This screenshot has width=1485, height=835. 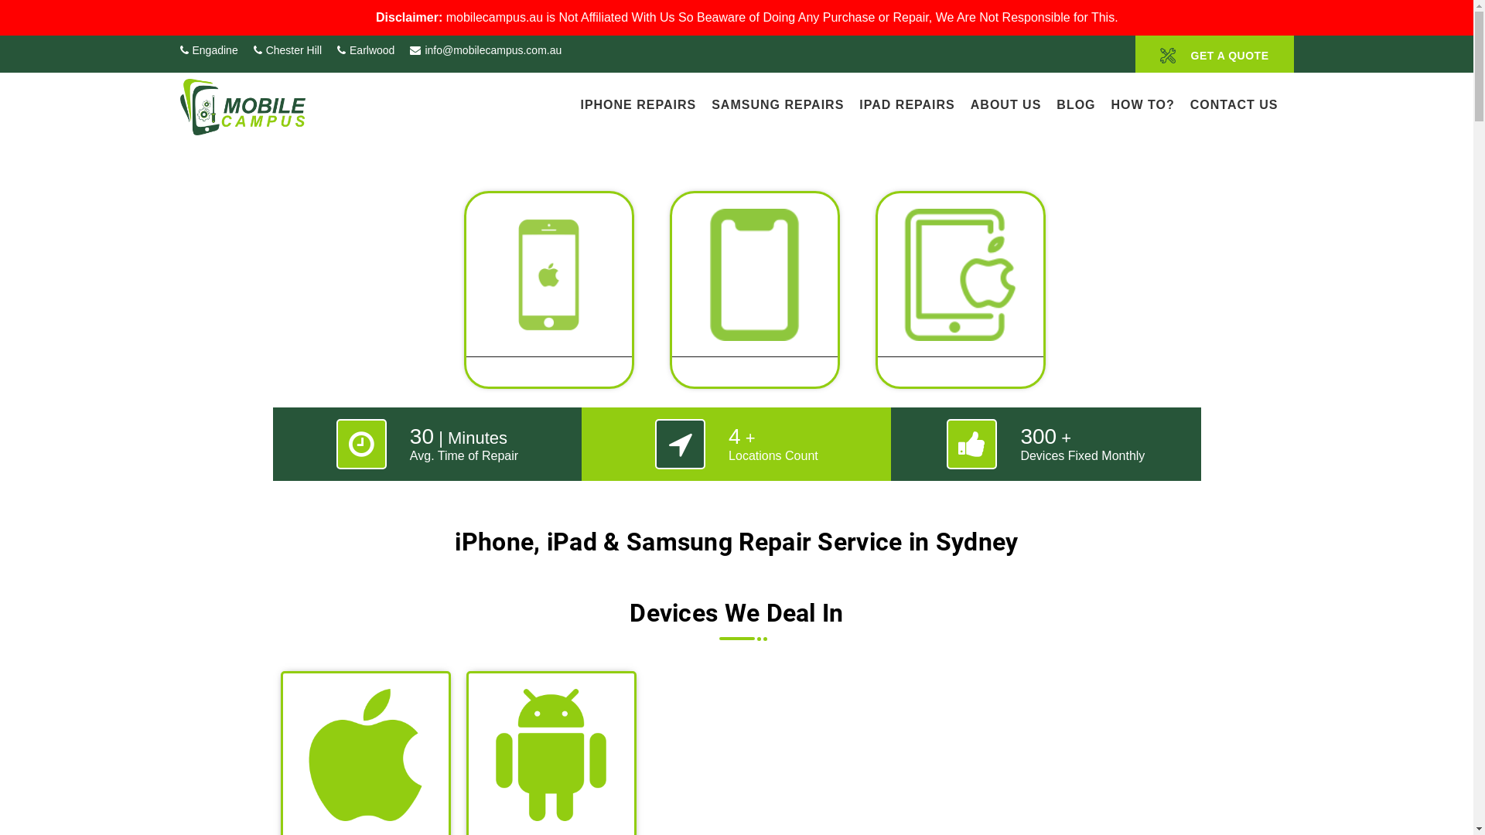 What do you see at coordinates (1190, 103) in the screenshot?
I see `'CONTACT US'` at bounding box center [1190, 103].